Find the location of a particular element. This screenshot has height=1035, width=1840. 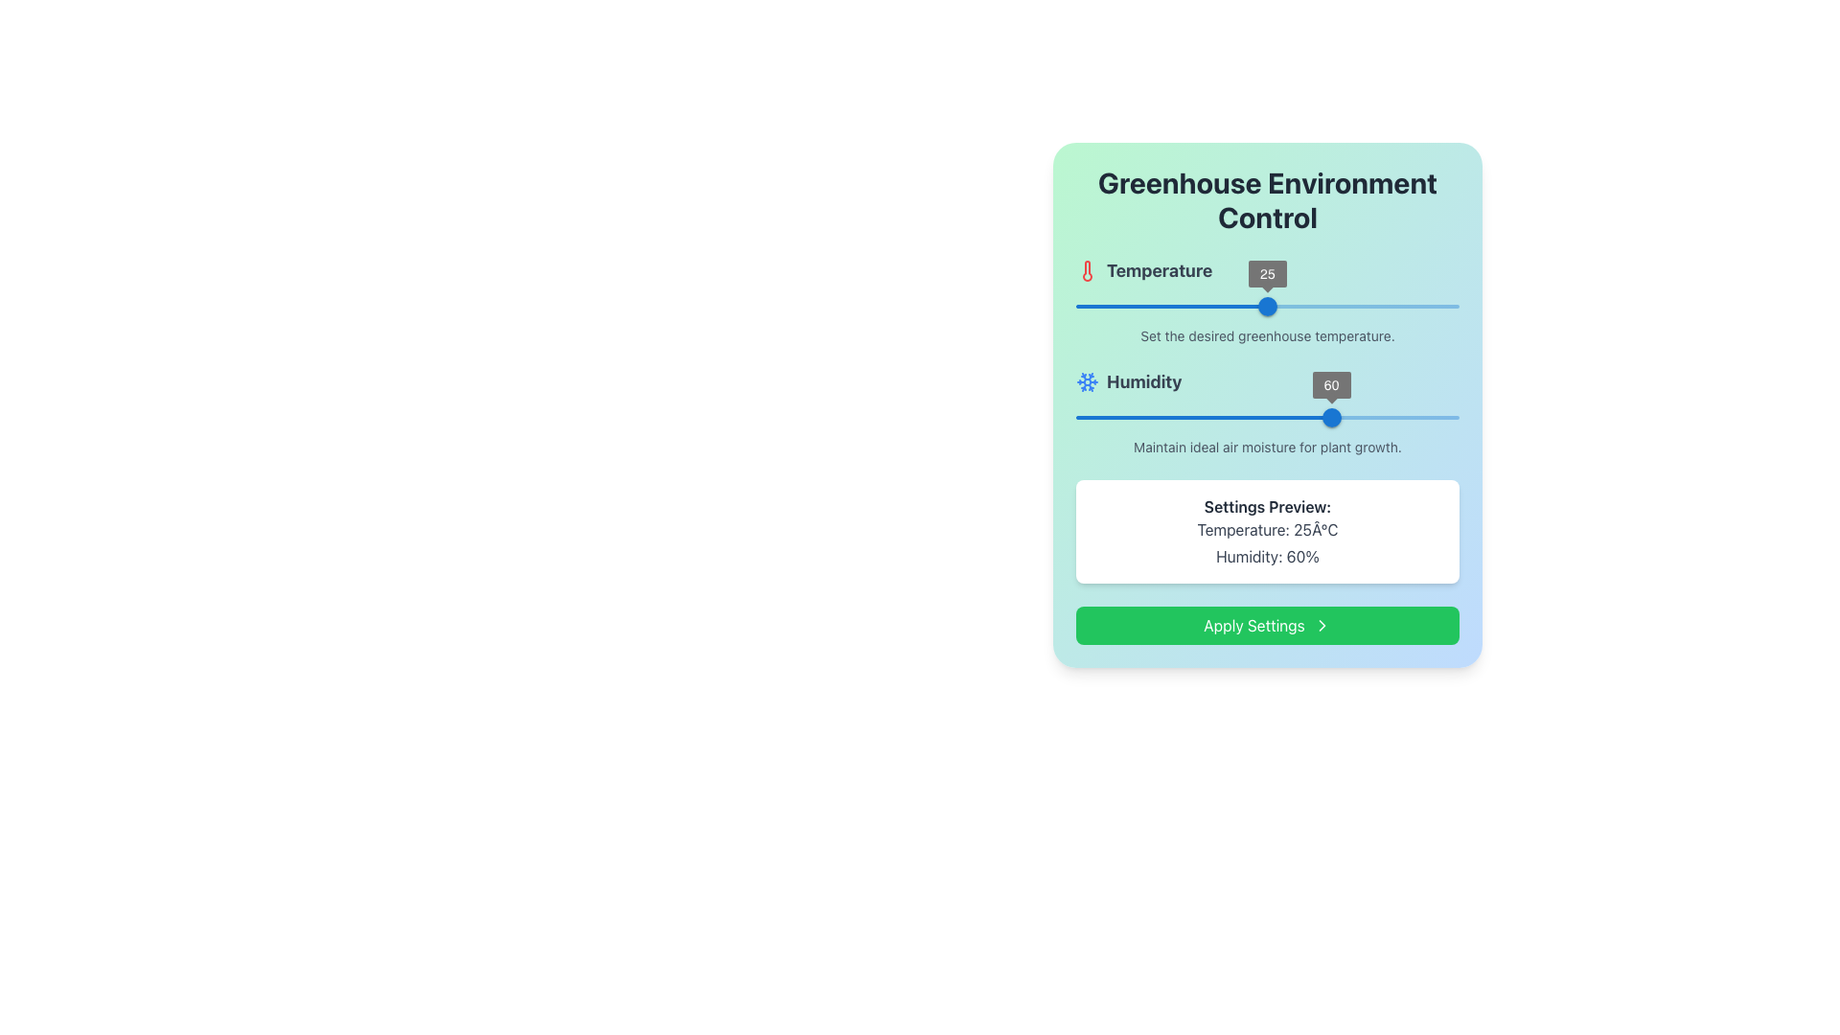

the humidity is located at coordinates (1232, 416).